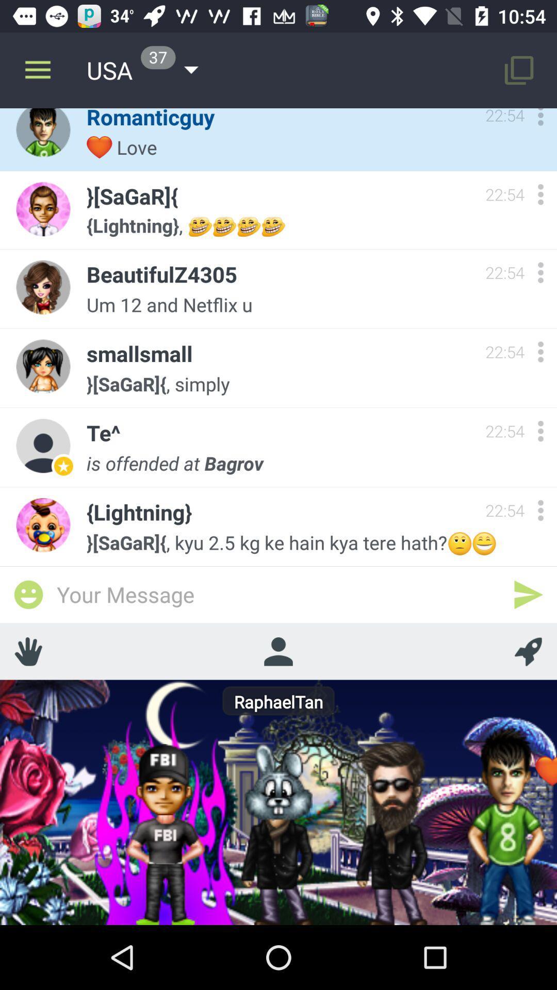 Image resolution: width=557 pixels, height=990 pixels. What do you see at coordinates (540, 352) in the screenshot?
I see `options for user account` at bounding box center [540, 352].